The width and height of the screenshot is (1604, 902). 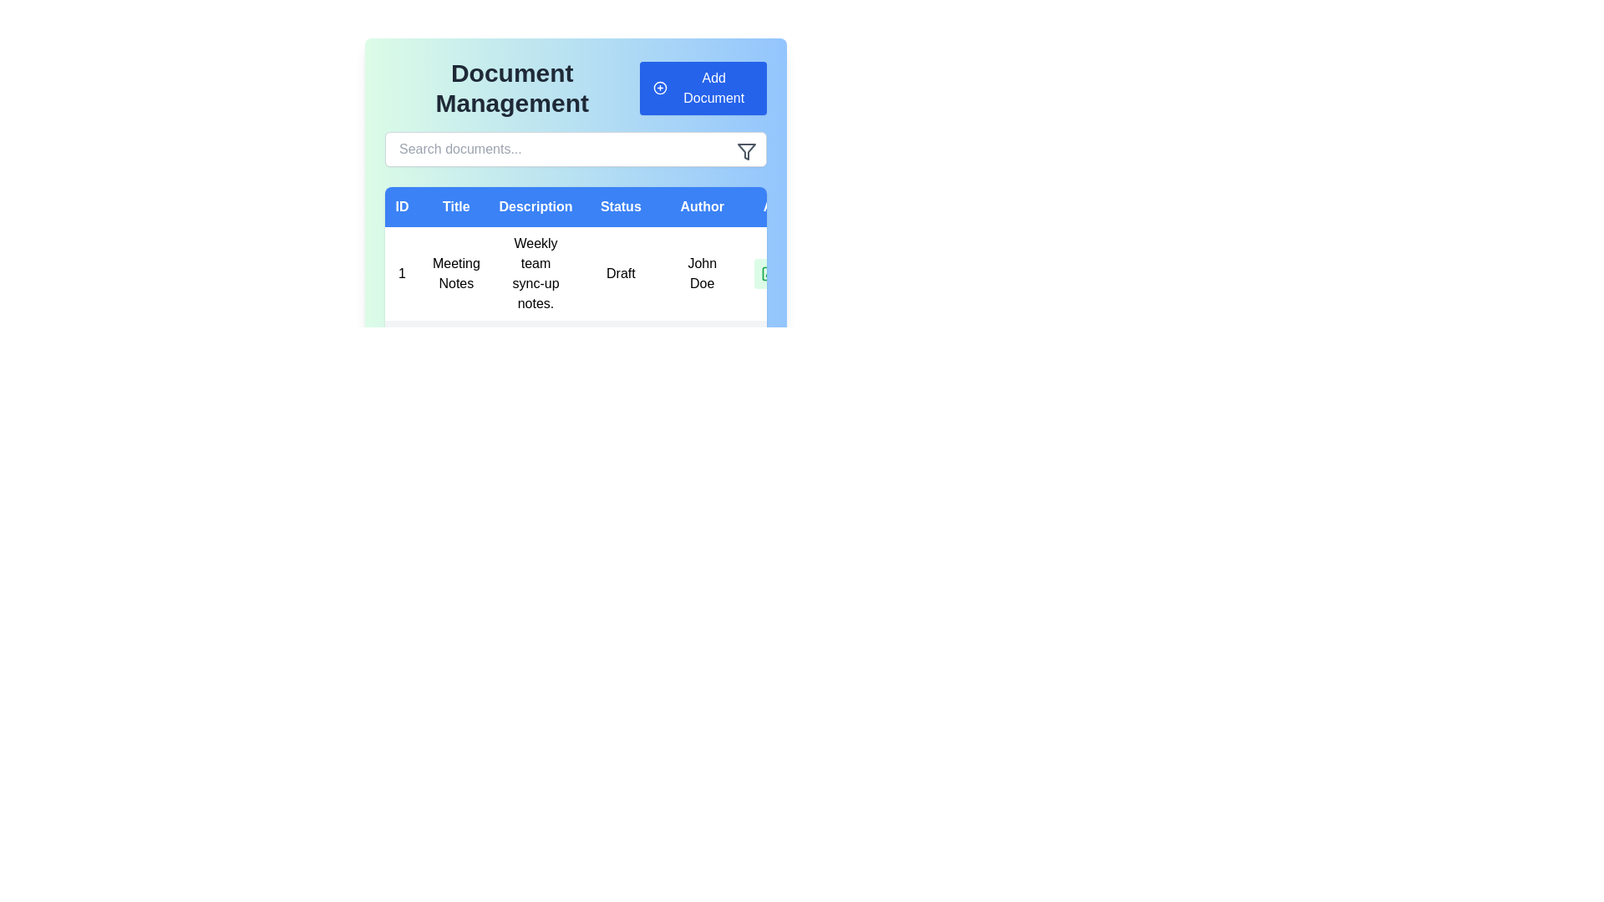 I want to click on the 'Add Document' button, which contains the icon for adding a document, located in the upper-right corner of the interface, so click(x=659, y=88).